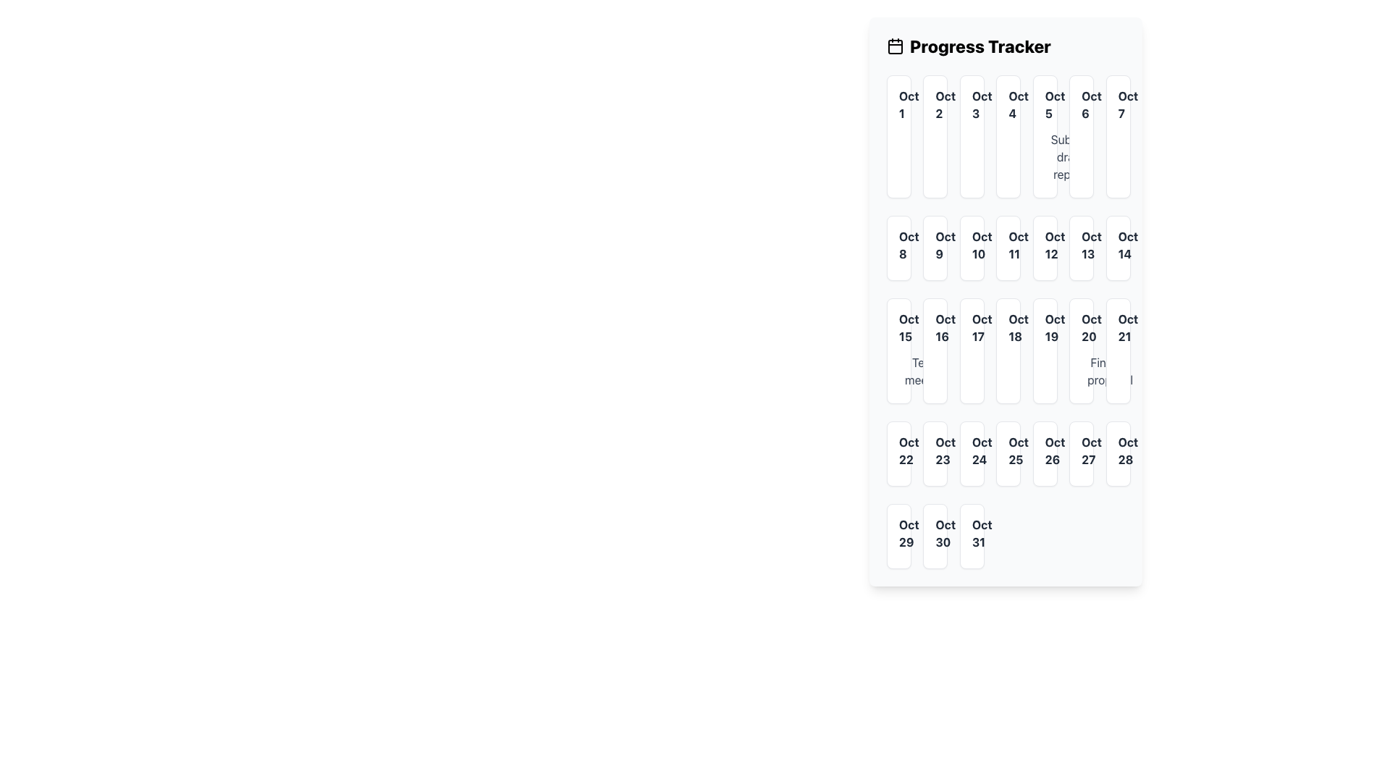 Image resolution: width=1390 pixels, height=782 pixels. What do you see at coordinates (898, 536) in the screenshot?
I see `the Date cell displaying 'Oct 29' in the calendar grid, which has a white background and a subtle shadow effect` at bounding box center [898, 536].